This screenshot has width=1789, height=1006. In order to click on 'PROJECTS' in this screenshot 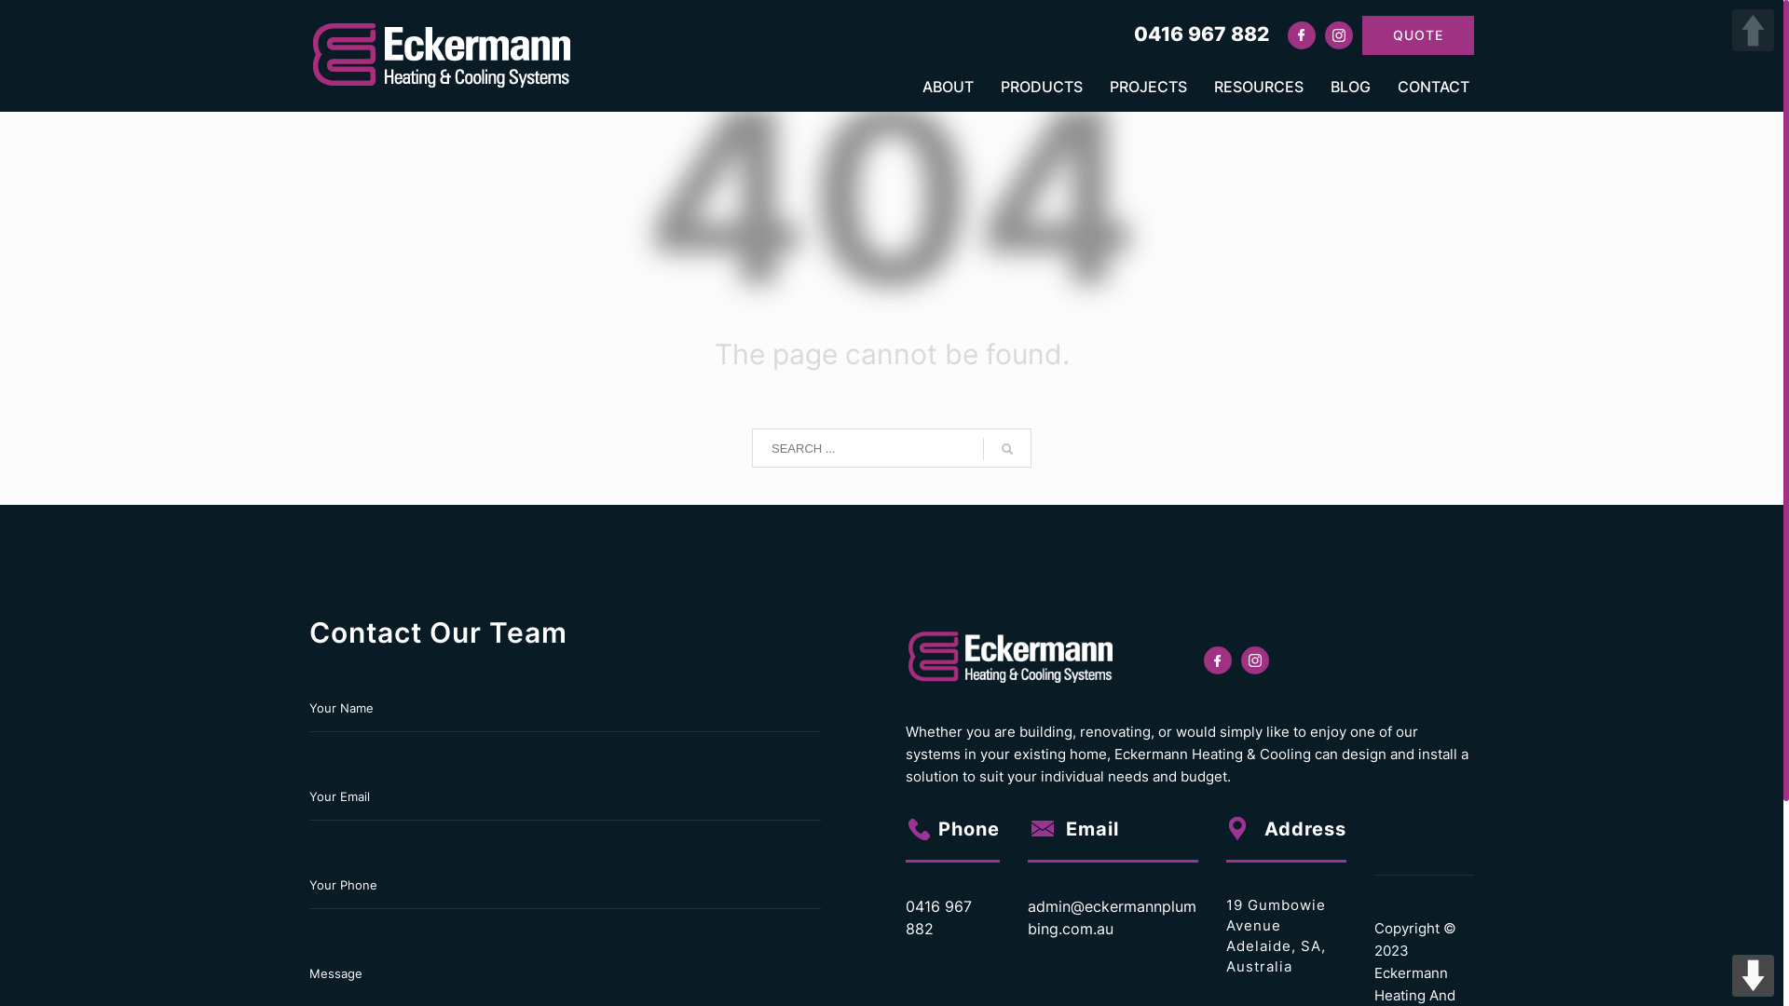, I will do `click(1147, 86)`.